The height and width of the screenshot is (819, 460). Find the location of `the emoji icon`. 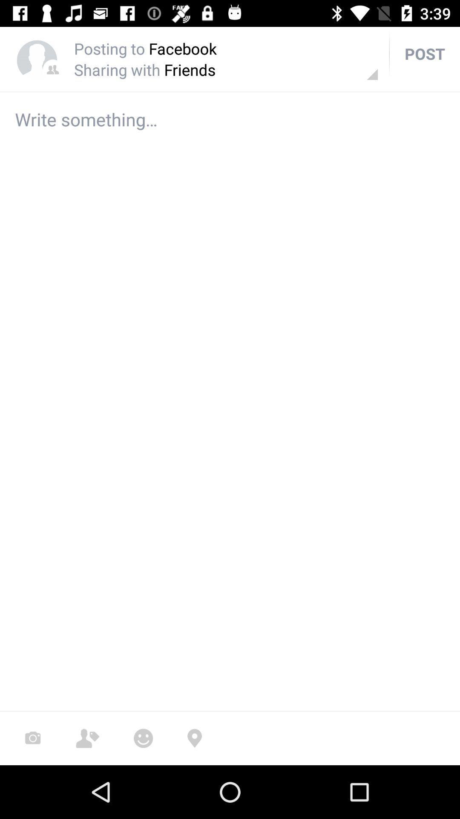

the emoji icon is located at coordinates (143, 738).